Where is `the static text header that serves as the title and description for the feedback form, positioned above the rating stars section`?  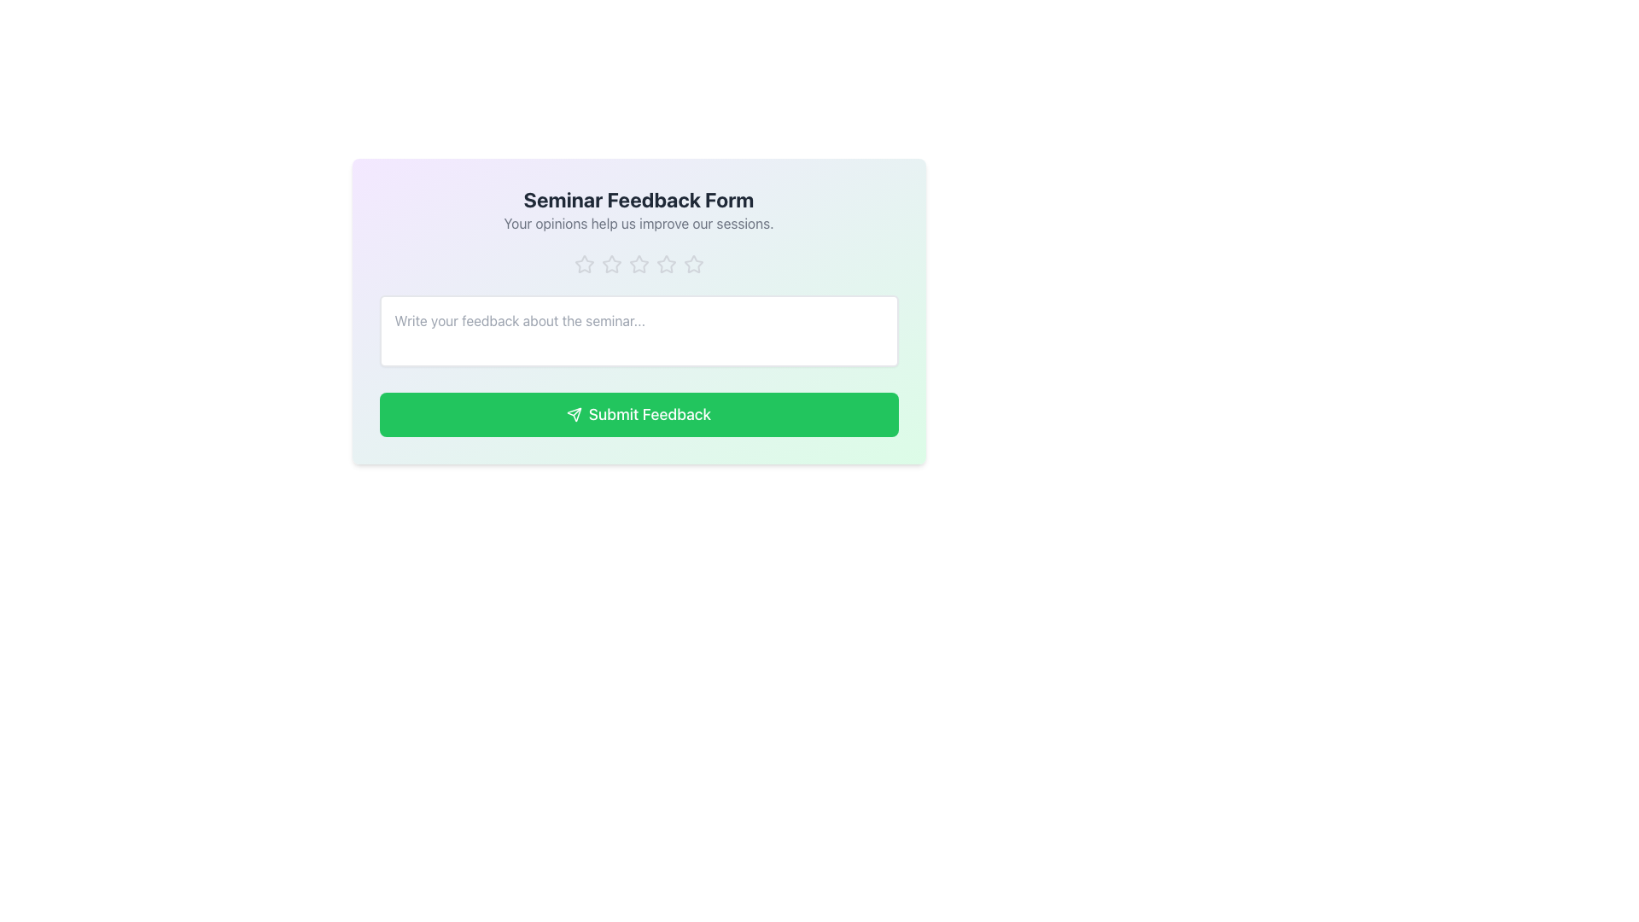
the static text header that serves as the title and description for the feedback form, positioned above the rating stars section is located at coordinates (638, 209).